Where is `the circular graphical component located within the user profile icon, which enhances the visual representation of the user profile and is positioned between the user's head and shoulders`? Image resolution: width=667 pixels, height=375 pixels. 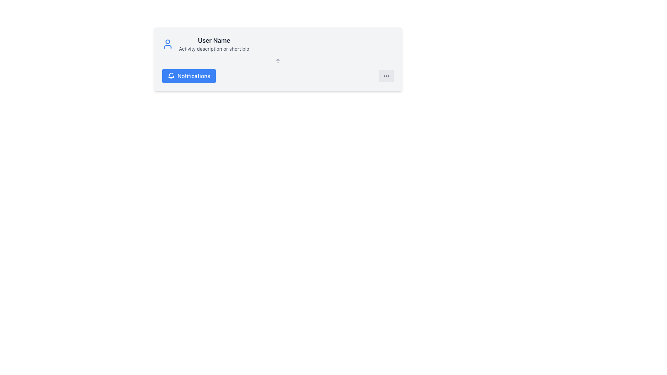 the circular graphical component located within the user profile icon, which enhances the visual representation of the user profile and is positioned between the user's head and shoulders is located at coordinates (168, 41).